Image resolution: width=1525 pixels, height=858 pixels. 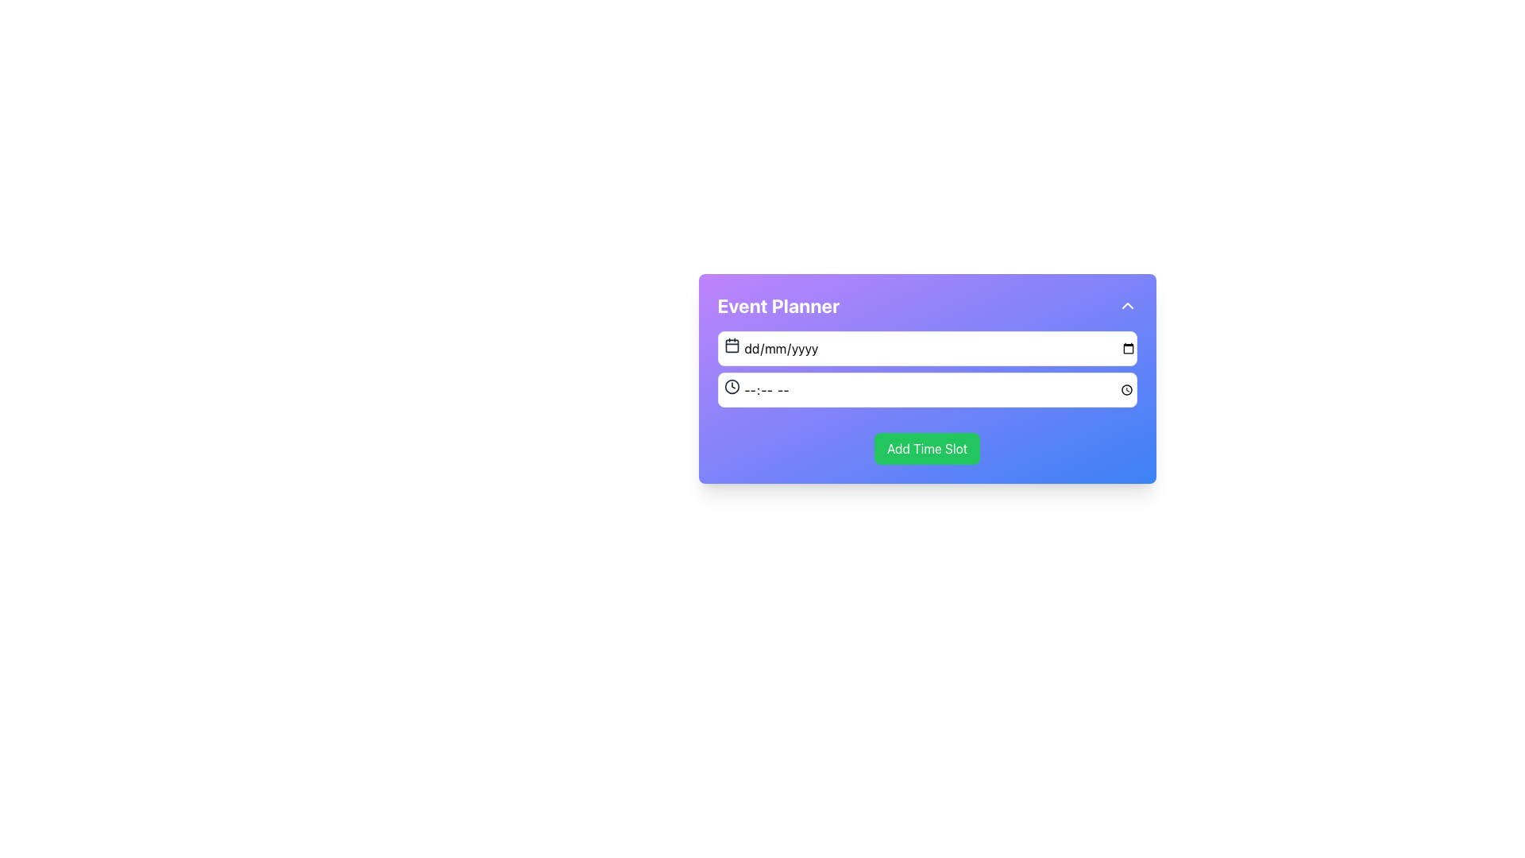 What do you see at coordinates (1126, 306) in the screenshot?
I see `the circular button with an upward-pointing chevron icon on a purple gradient background, located at the top-right corner of the 'Event Planner' banner` at bounding box center [1126, 306].